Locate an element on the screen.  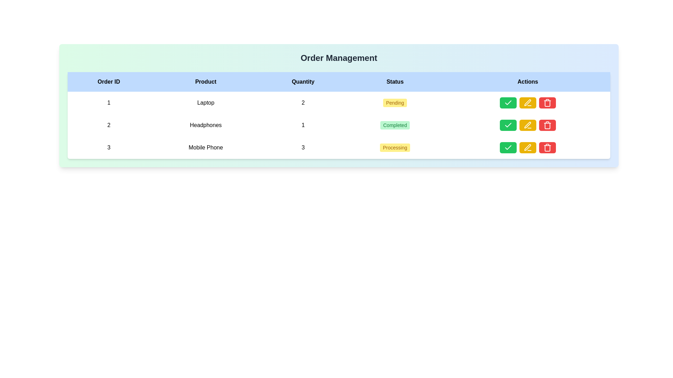
the pen icon located within the yellow rectangular button for the edit action in the 'Actions' column of the second row to visualize interactive feedback is located at coordinates (528, 125).